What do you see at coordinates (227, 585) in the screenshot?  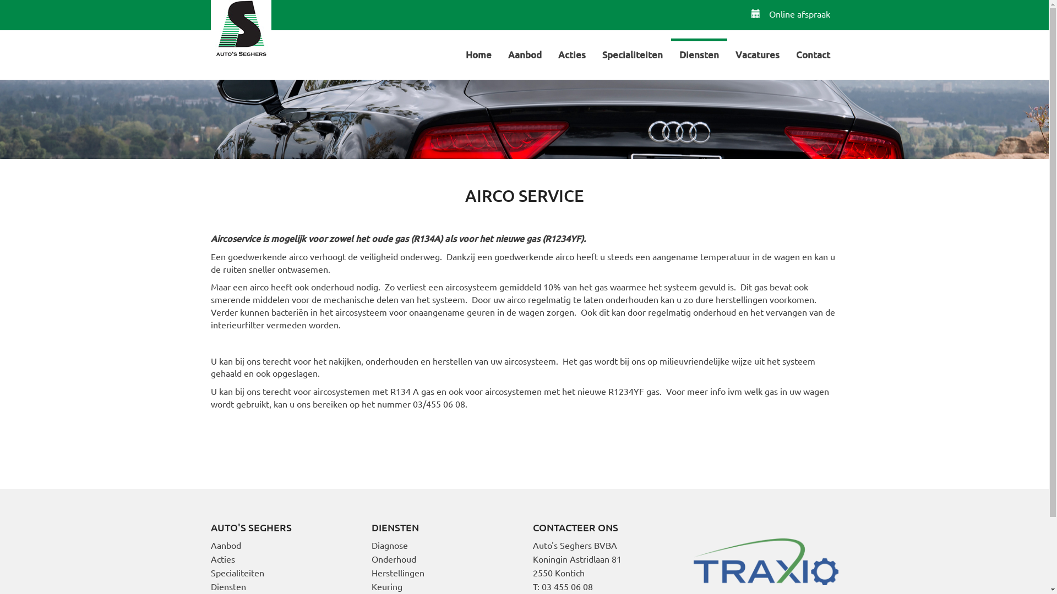 I see `'Diensten'` at bounding box center [227, 585].